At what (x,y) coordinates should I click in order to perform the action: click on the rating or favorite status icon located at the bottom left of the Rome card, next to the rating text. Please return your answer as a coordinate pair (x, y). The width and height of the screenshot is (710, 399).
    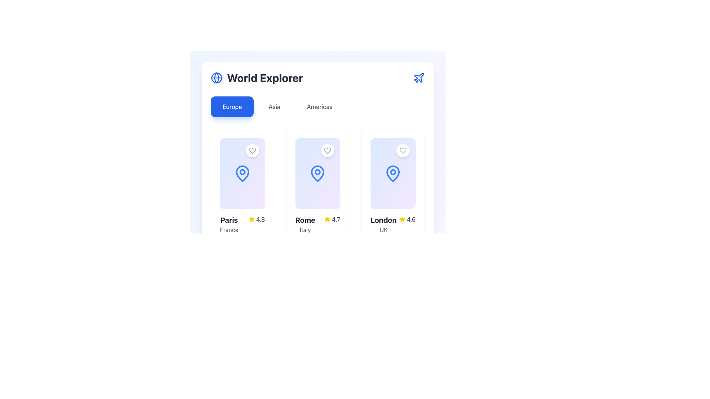
    Looking at the image, I should click on (327, 219).